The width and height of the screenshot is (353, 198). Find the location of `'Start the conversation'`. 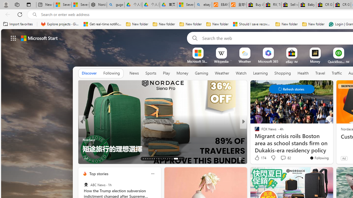

'Start the conversation' is located at coordinates (275, 158).